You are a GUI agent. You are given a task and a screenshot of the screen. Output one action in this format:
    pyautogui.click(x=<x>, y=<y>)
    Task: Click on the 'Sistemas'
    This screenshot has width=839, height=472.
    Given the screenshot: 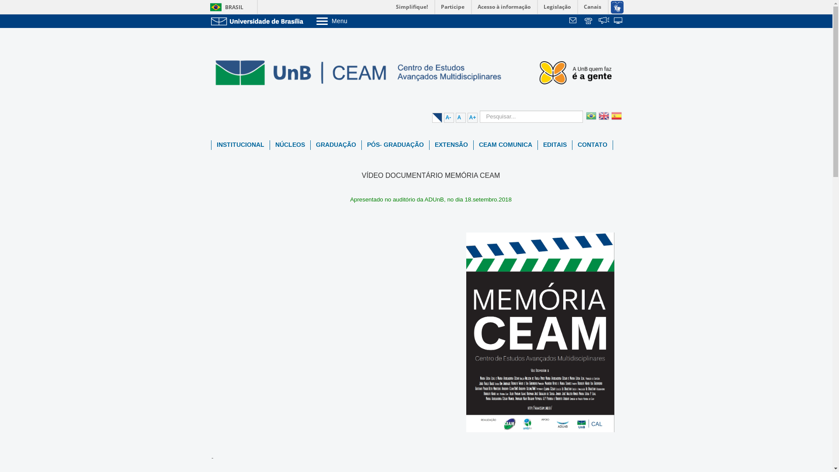 What is the action you would take?
    pyautogui.click(x=618, y=21)
    